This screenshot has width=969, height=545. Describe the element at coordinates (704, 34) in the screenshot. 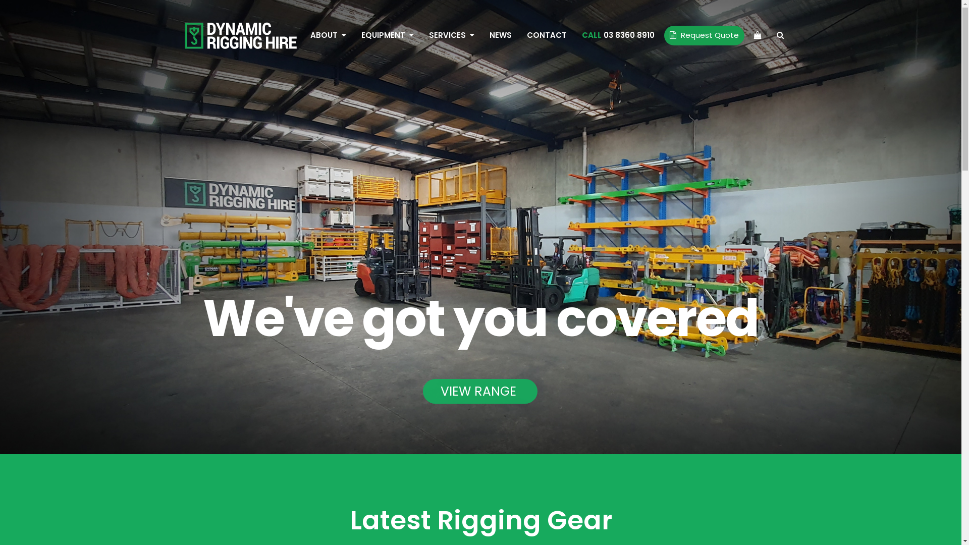

I see `'Request Quote'` at that location.